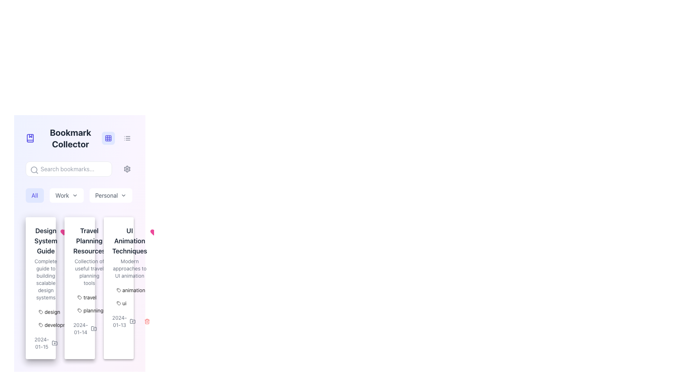 Image resolution: width=696 pixels, height=391 pixels. I want to click on the Text label that serves as the title for the second card in a horizontal list of cards, which is centrally positioned and above the descriptive text block, so click(89, 241).